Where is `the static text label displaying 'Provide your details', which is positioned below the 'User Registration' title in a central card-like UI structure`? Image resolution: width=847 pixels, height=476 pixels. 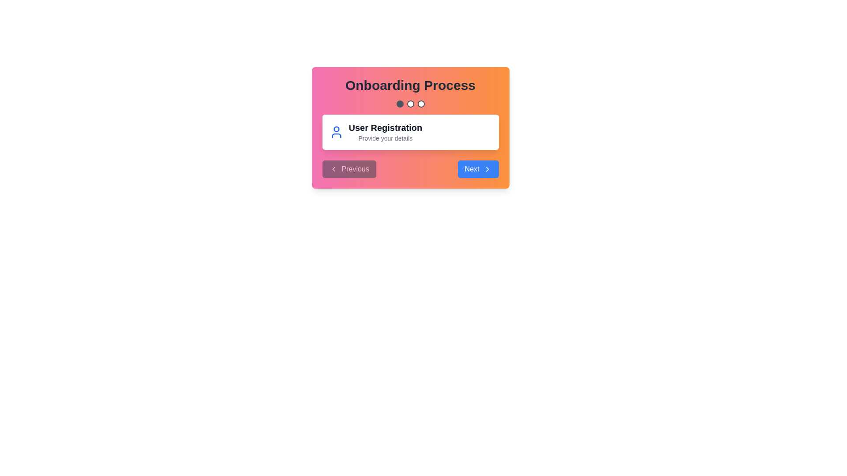
the static text label displaying 'Provide your details', which is positioned below the 'User Registration' title in a central card-like UI structure is located at coordinates (385, 138).